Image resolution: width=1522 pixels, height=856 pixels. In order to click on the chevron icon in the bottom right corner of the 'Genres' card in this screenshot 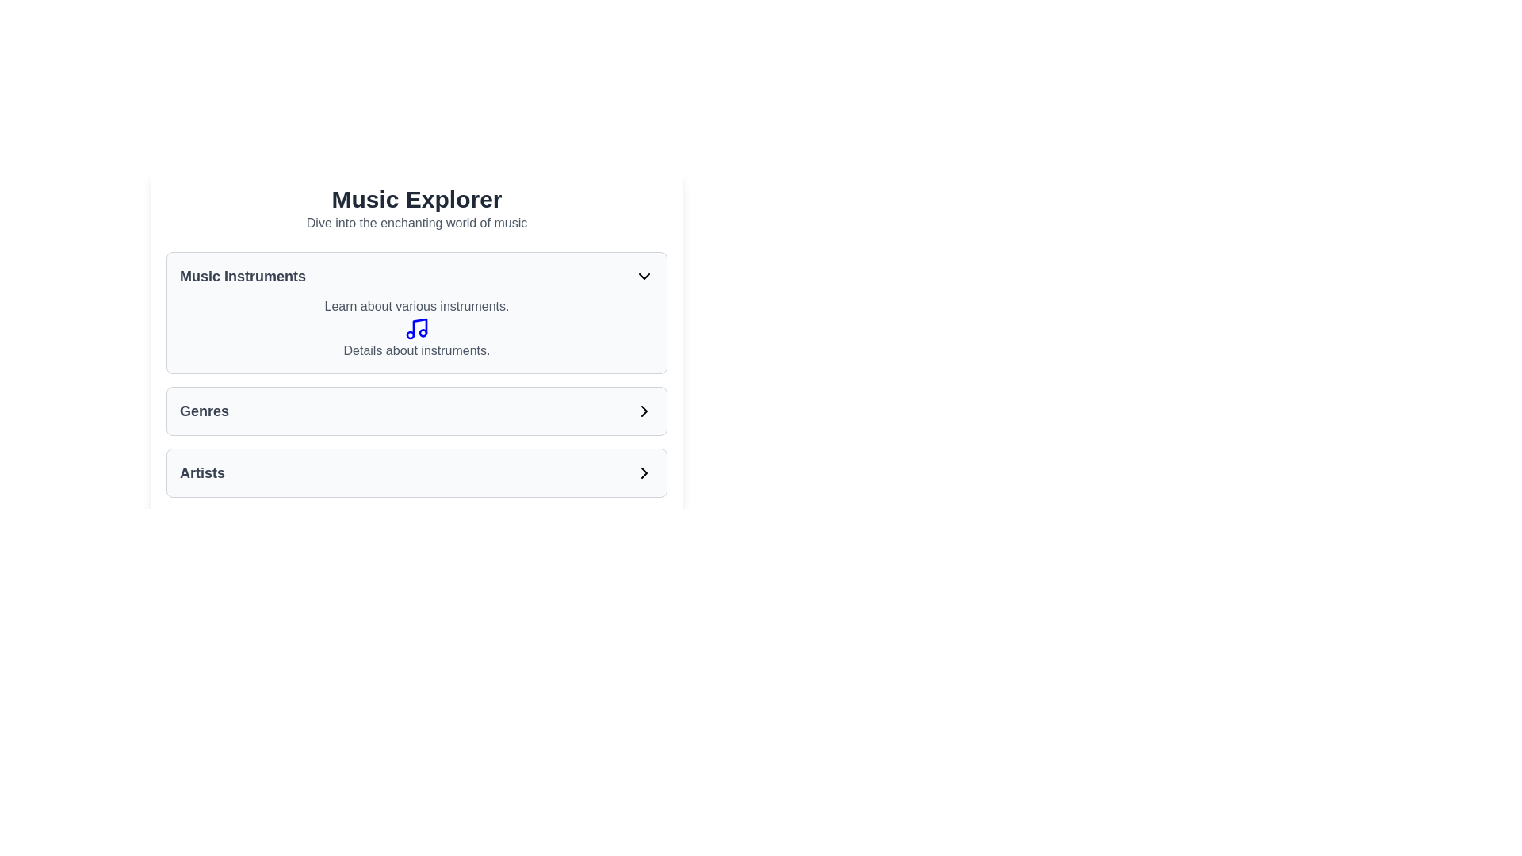, I will do `click(644, 411)`.